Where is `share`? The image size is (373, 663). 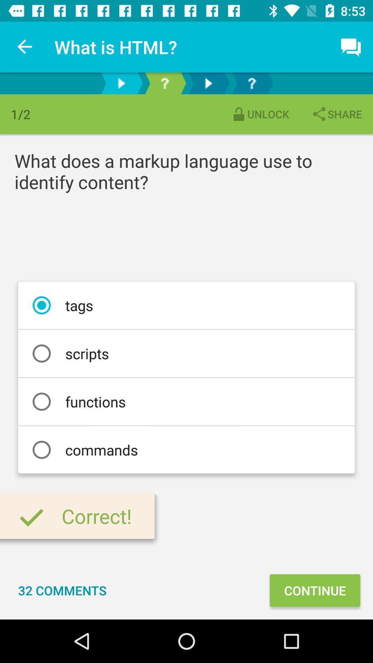
share is located at coordinates (336, 114).